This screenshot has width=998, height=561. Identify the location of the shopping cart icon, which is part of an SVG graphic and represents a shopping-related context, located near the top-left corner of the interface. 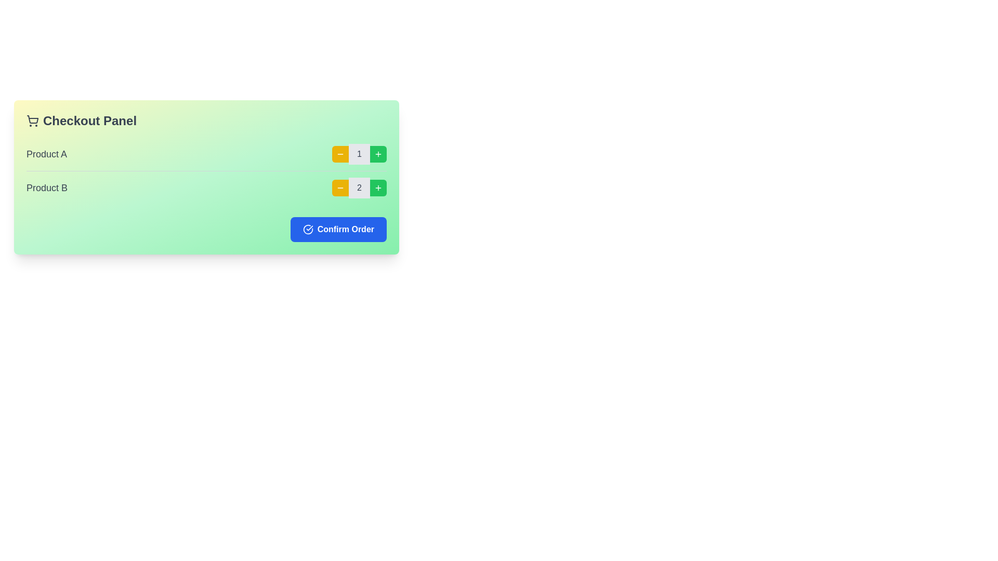
(32, 119).